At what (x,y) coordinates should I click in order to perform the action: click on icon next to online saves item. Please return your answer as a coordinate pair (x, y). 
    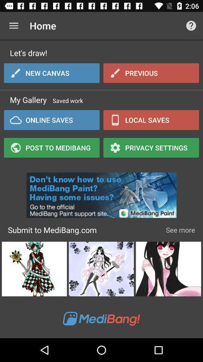
    Looking at the image, I should click on (151, 147).